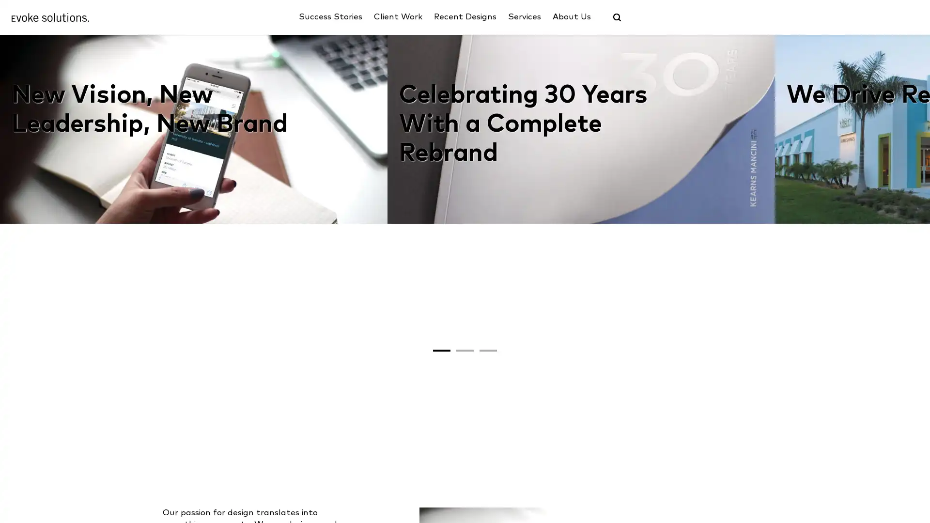 The width and height of the screenshot is (930, 523). Describe the element at coordinates (488, 476) in the screenshot. I see `3` at that location.